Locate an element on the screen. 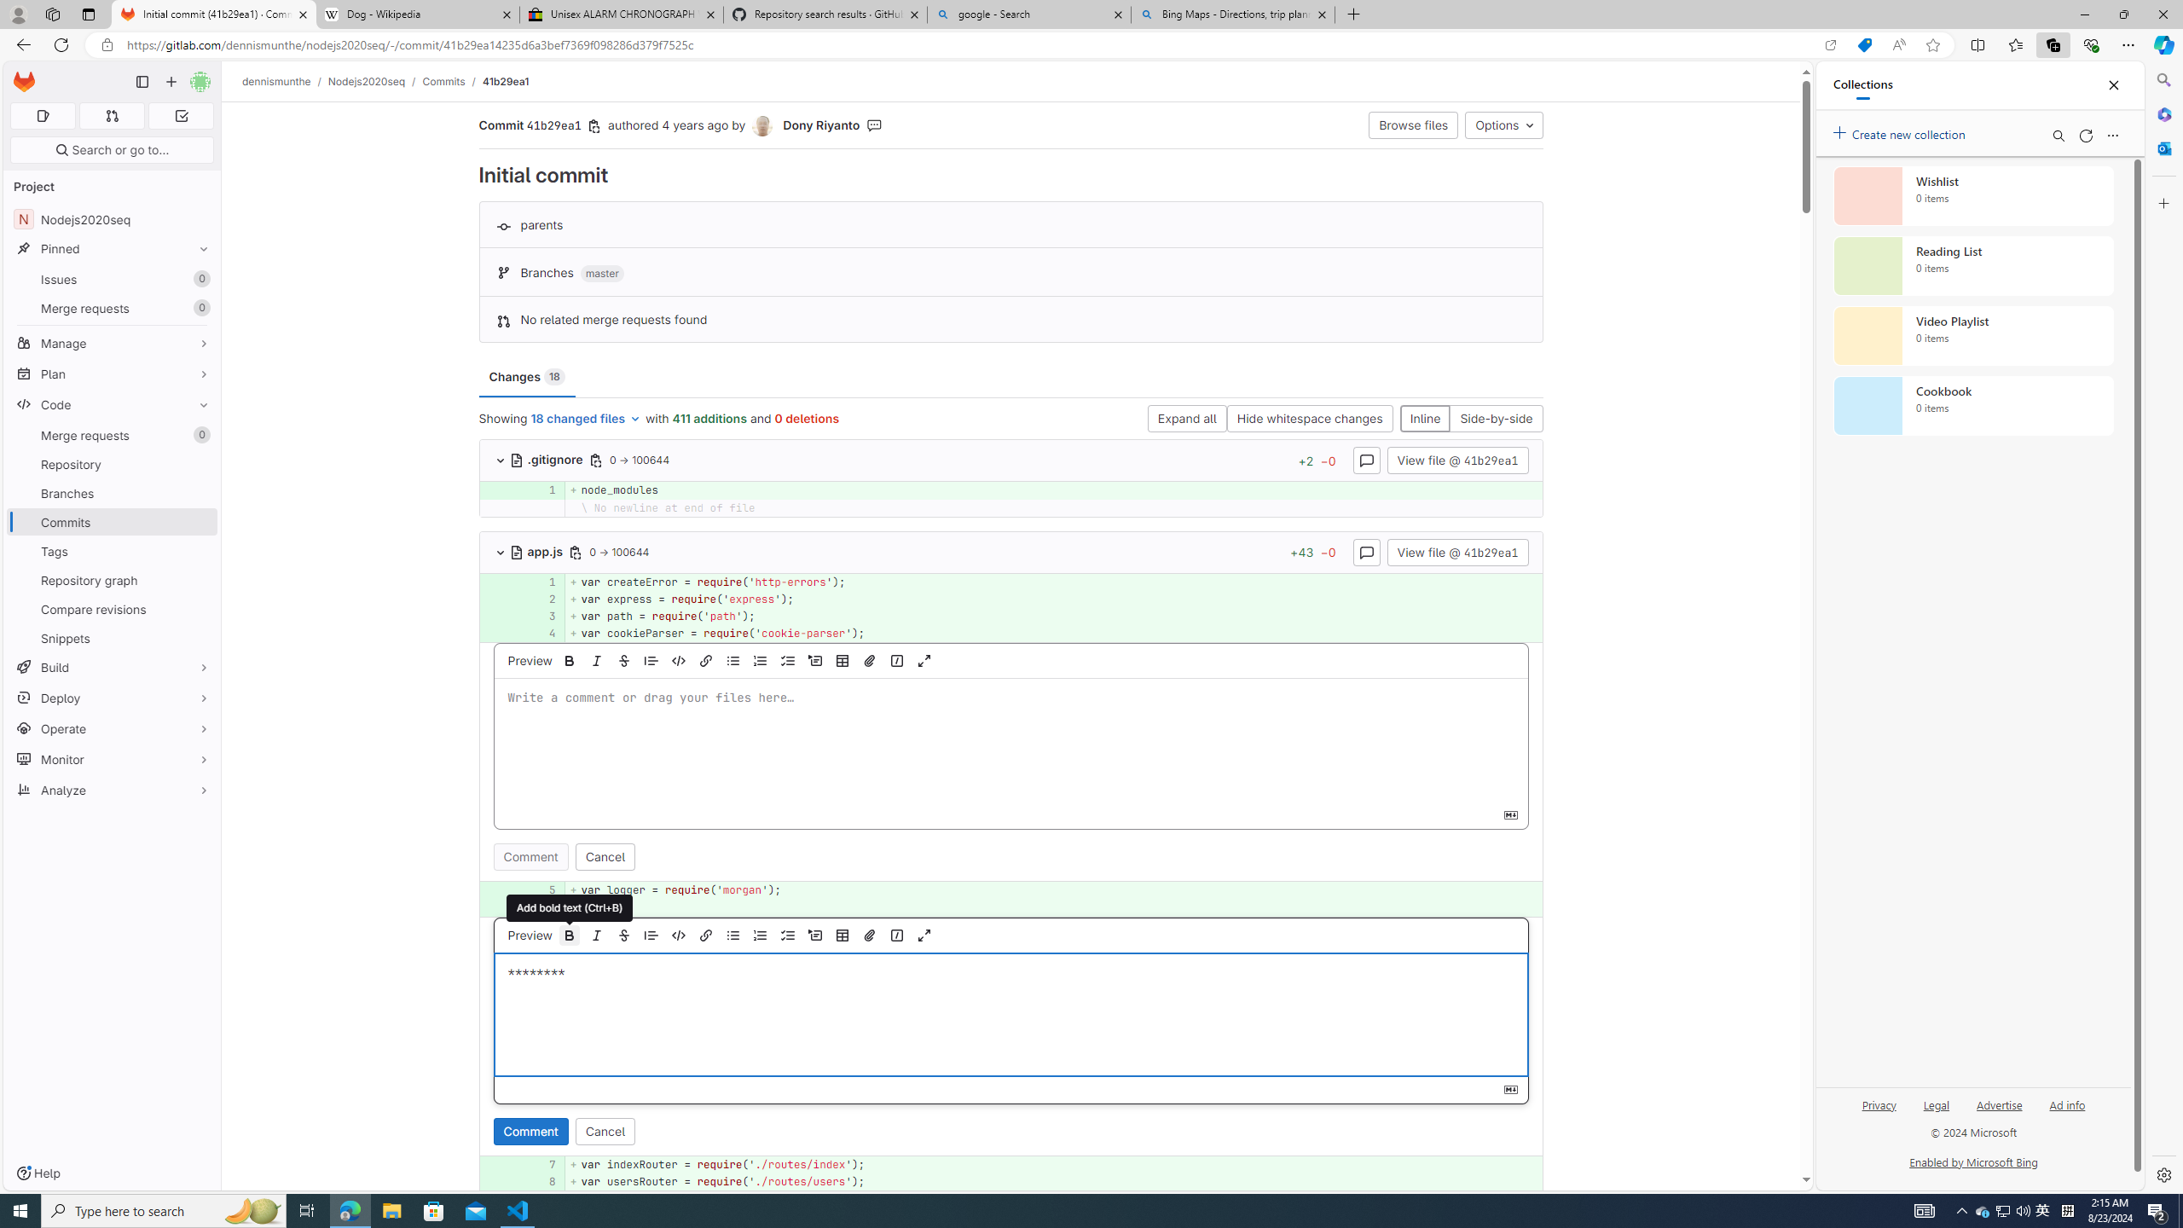 This screenshot has height=1228, width=2183. 'Dony Riyanto' is located at coordinates (761, 126).